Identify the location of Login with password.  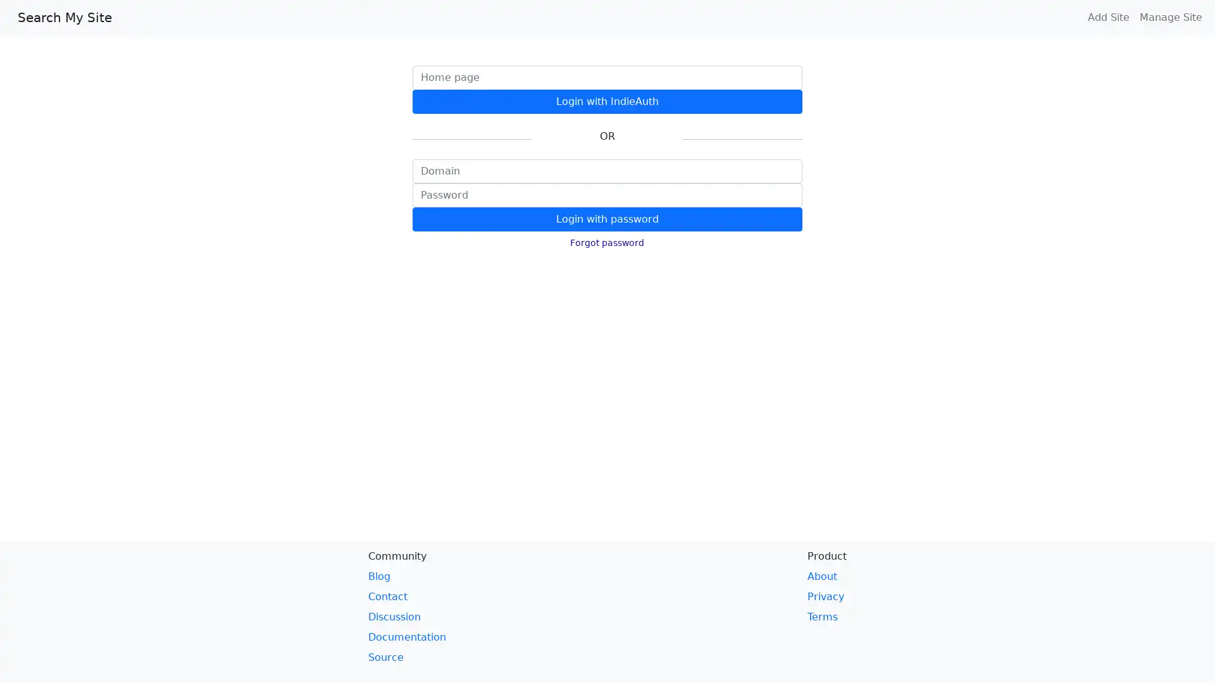
(606, 219).